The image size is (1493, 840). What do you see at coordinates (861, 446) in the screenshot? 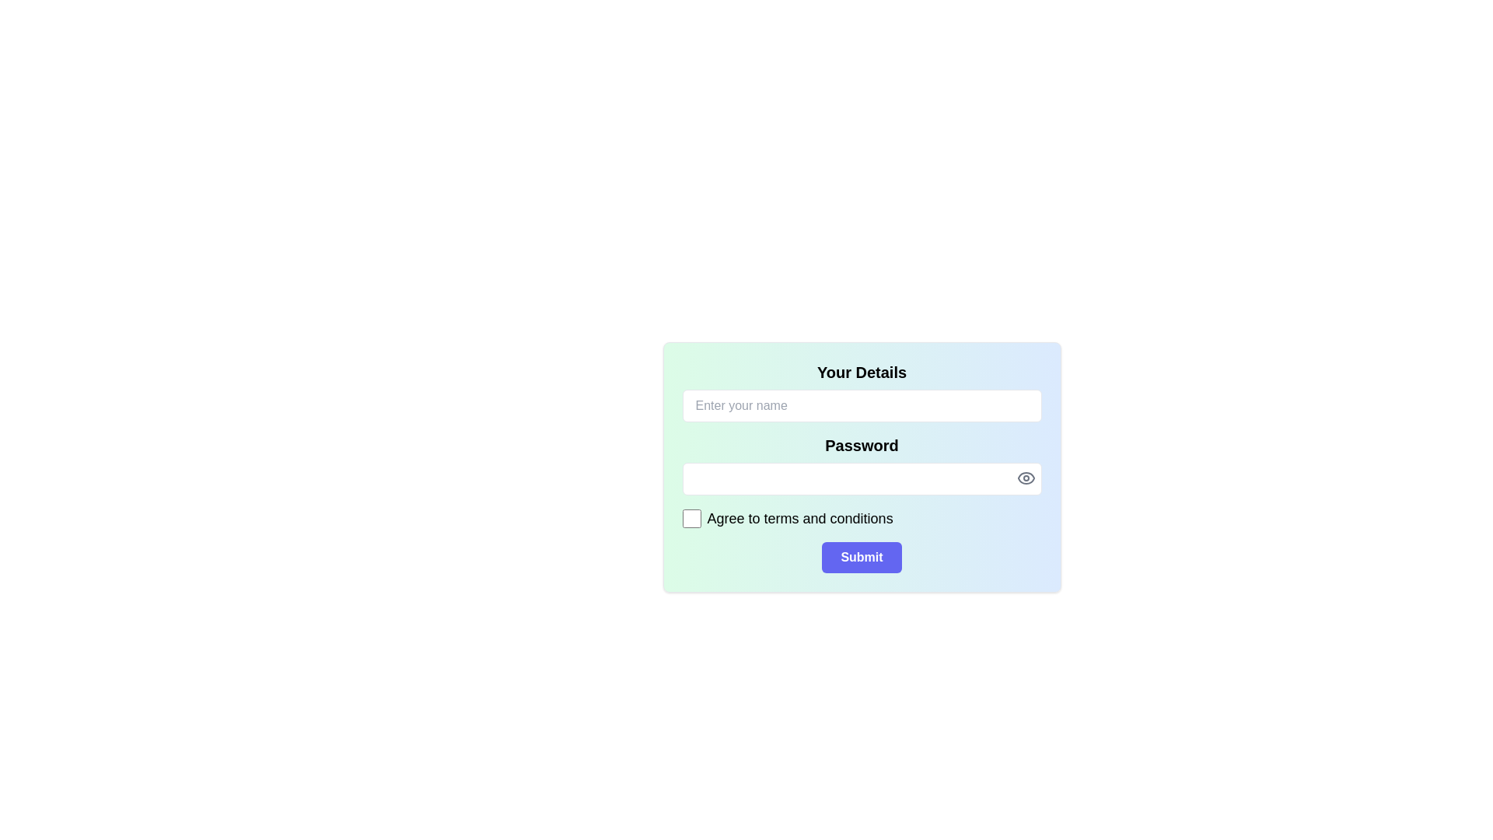
I see `the 'Password' label text element, which is styled in bold and larger font, located above the input field in the form layout` at bounding box center [861, 446].